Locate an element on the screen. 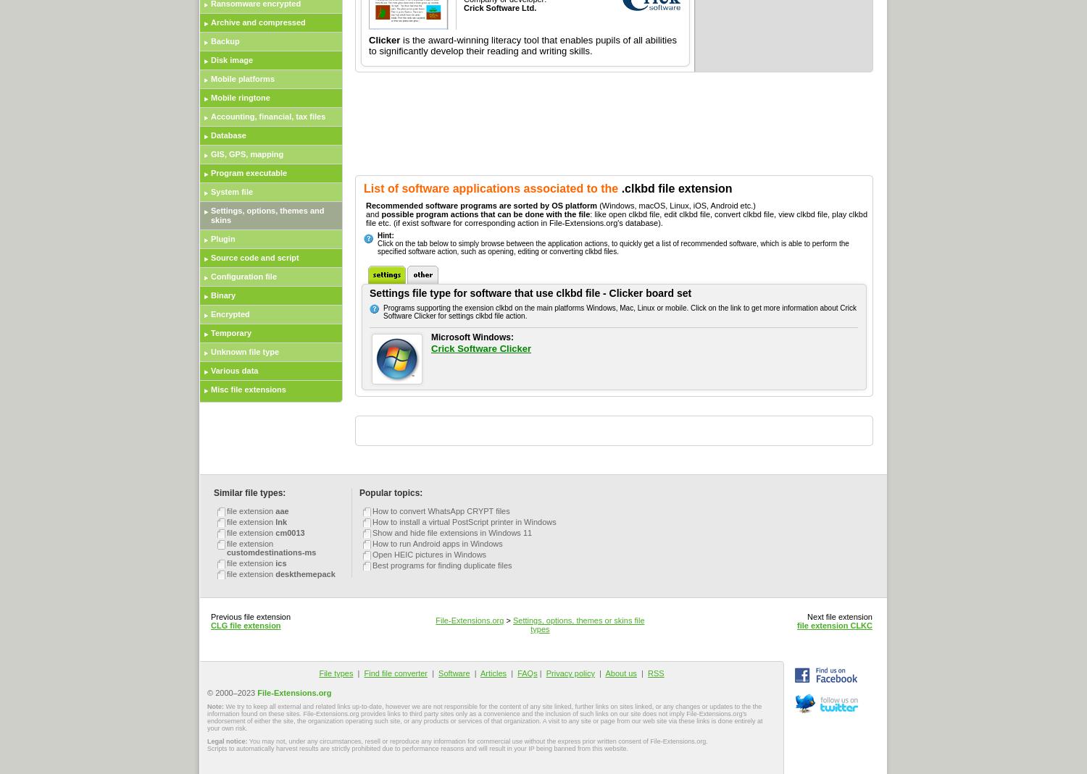  'Hint:' is located at coordinates (377, 235).